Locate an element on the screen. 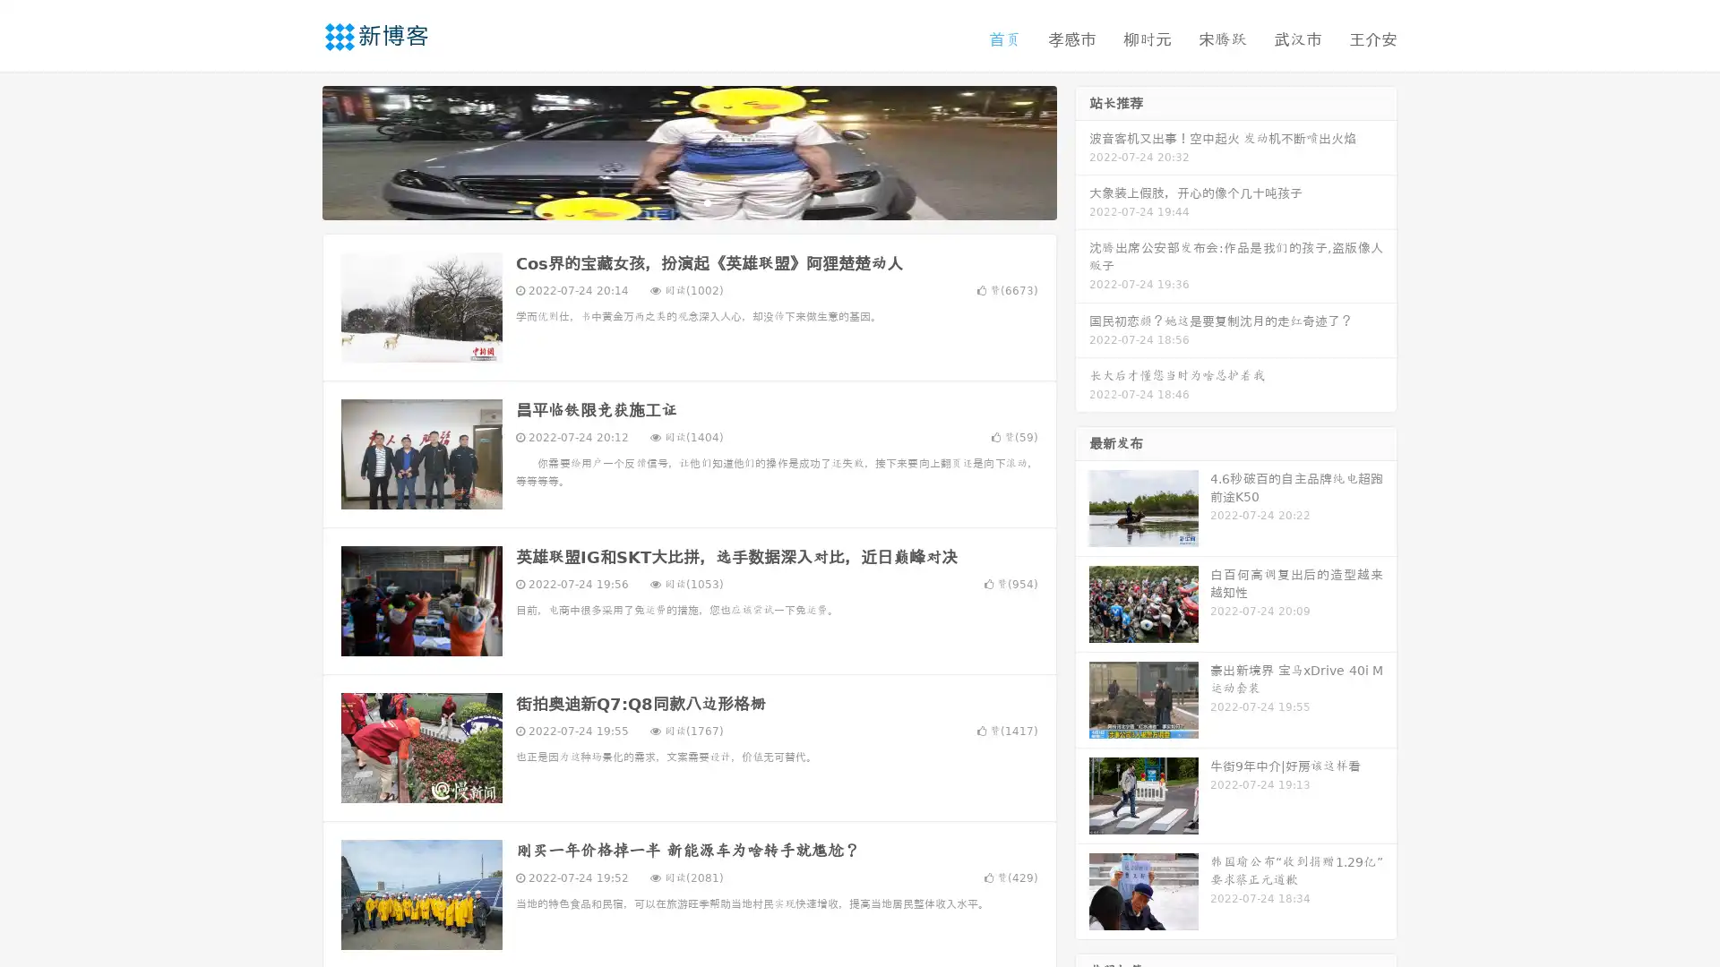 This screenshot has height=967, width=1720. Next slide is located at coordinates (1082, 150).